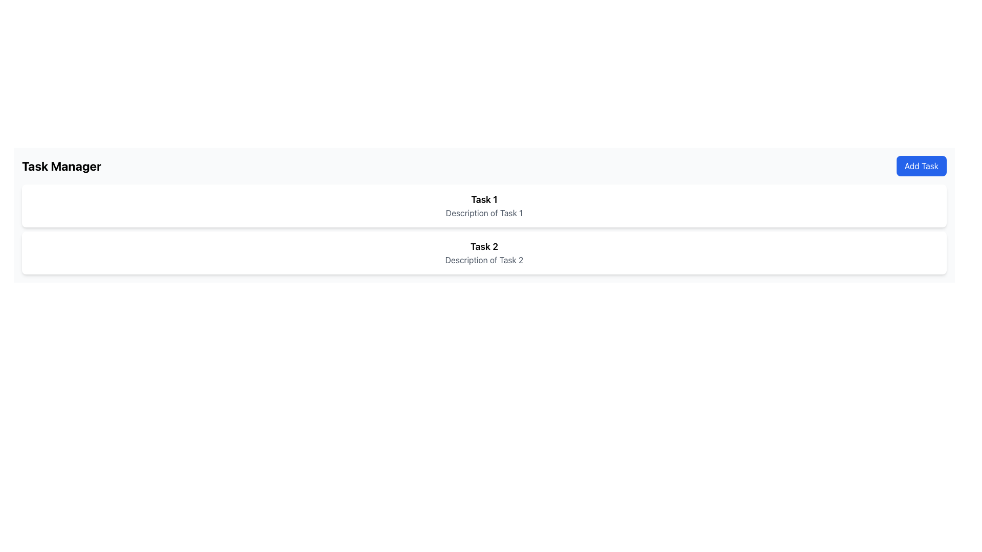 Image resolution: width=982 pixels, height=552 pixels. What do you see at coordinates (483, 252) in the screenshot?
I see `the Task Card Component labeled 'Task 2'` at bounding box center [483, 252].